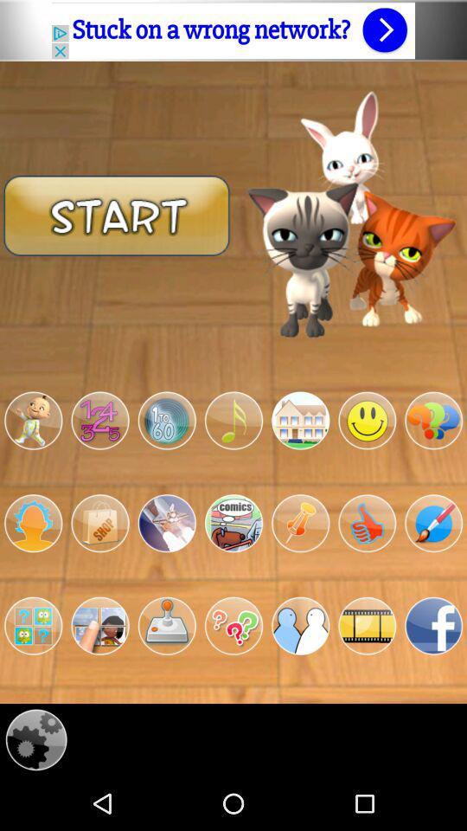 Image resolution: width=467 pixels, height=831 pixels. Describe the element at coordinates (167, 522) in the screenshot. I see `image option to play` at that location.